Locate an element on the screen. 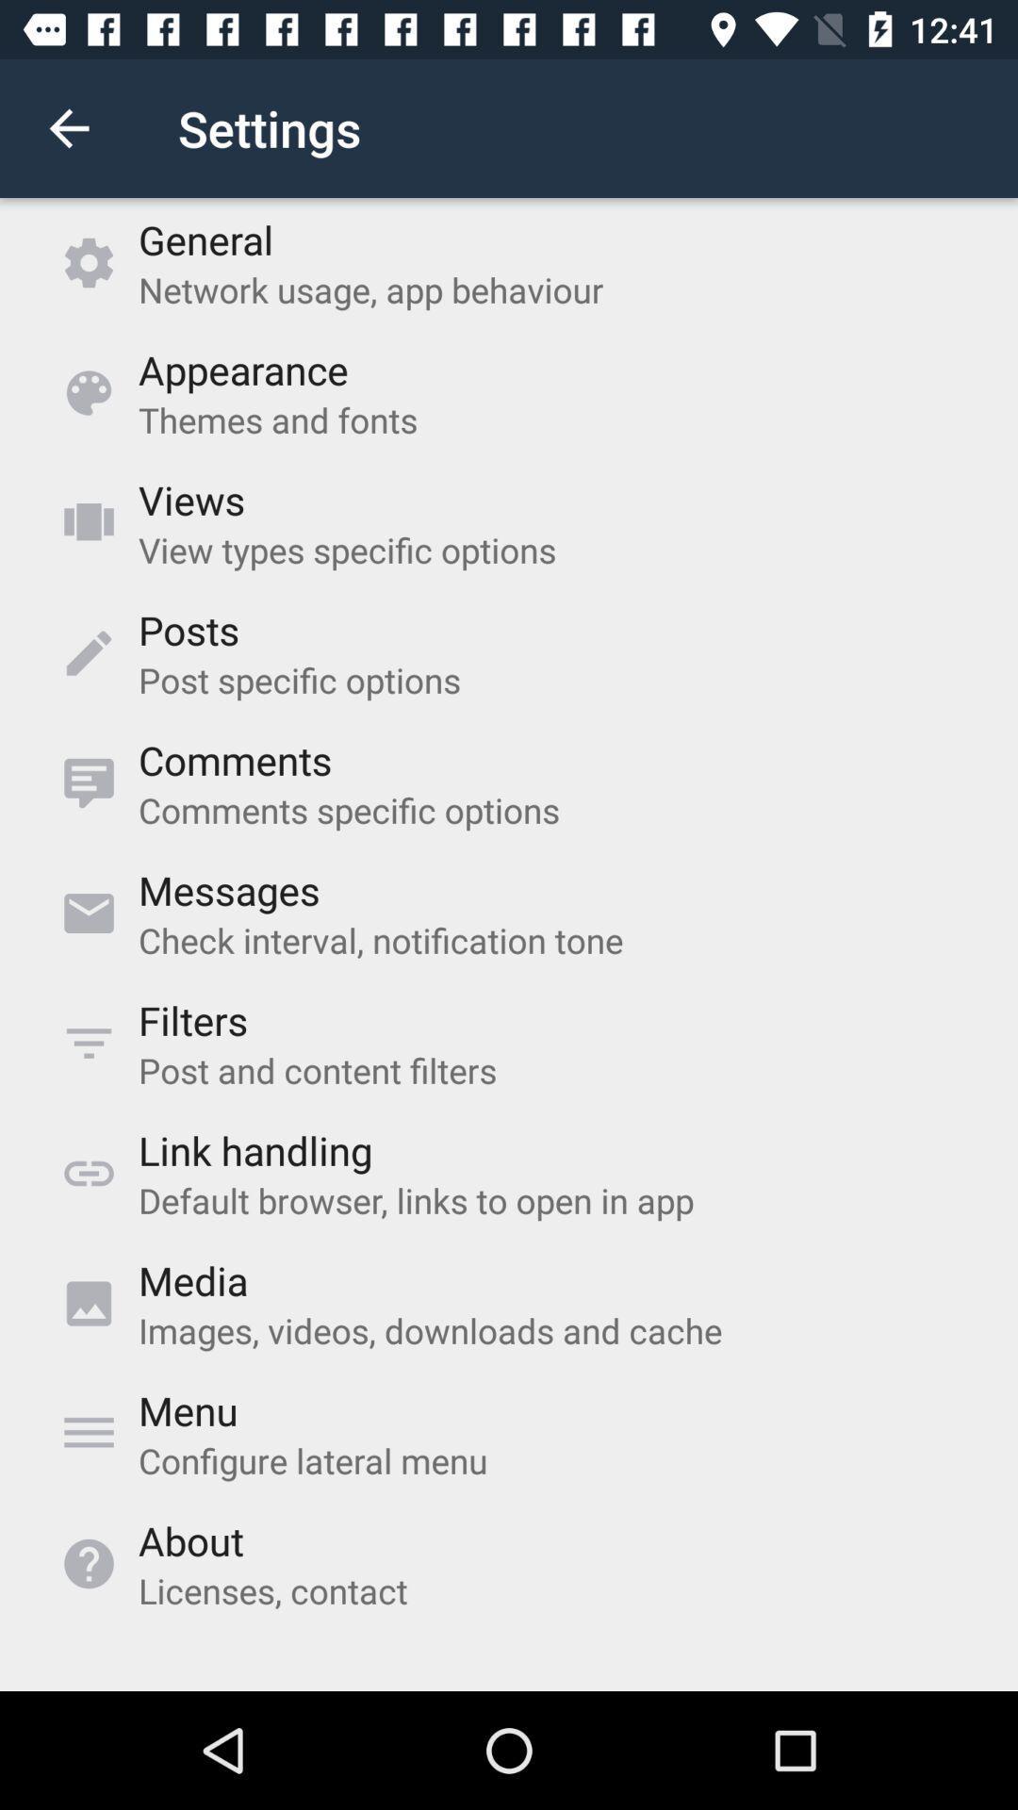 Image resolution: width=1018 pixels, height=1810 pixels. about icon is located at coordinates (190, 1540).